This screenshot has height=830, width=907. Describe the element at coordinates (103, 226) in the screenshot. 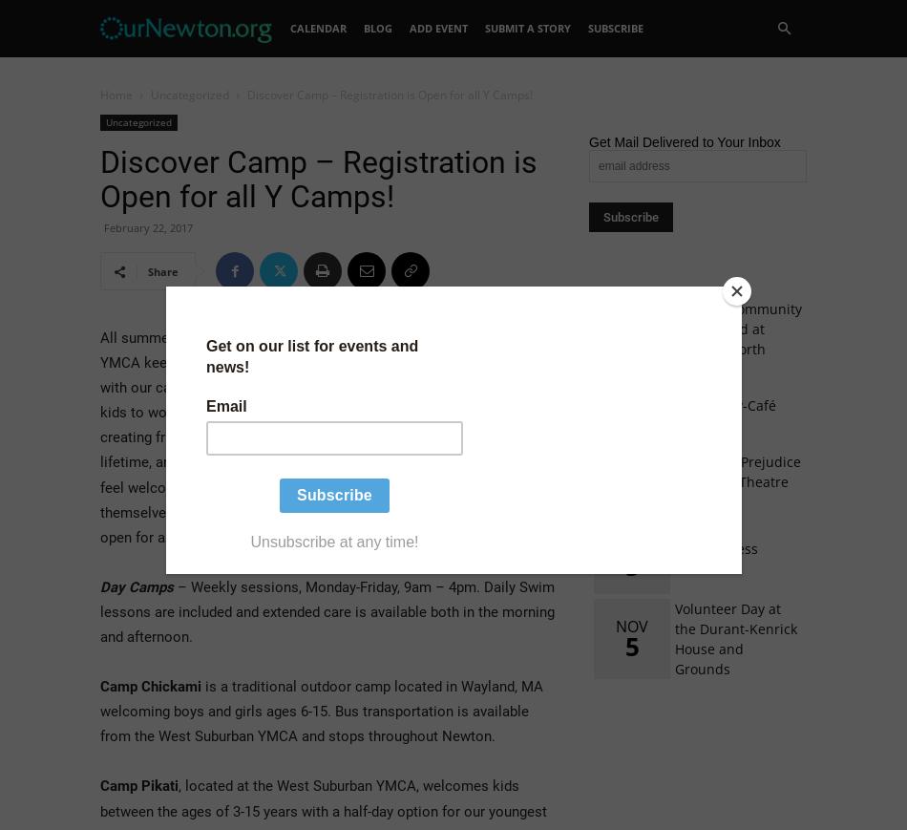

I see `'February 22, 2017'` at that location.